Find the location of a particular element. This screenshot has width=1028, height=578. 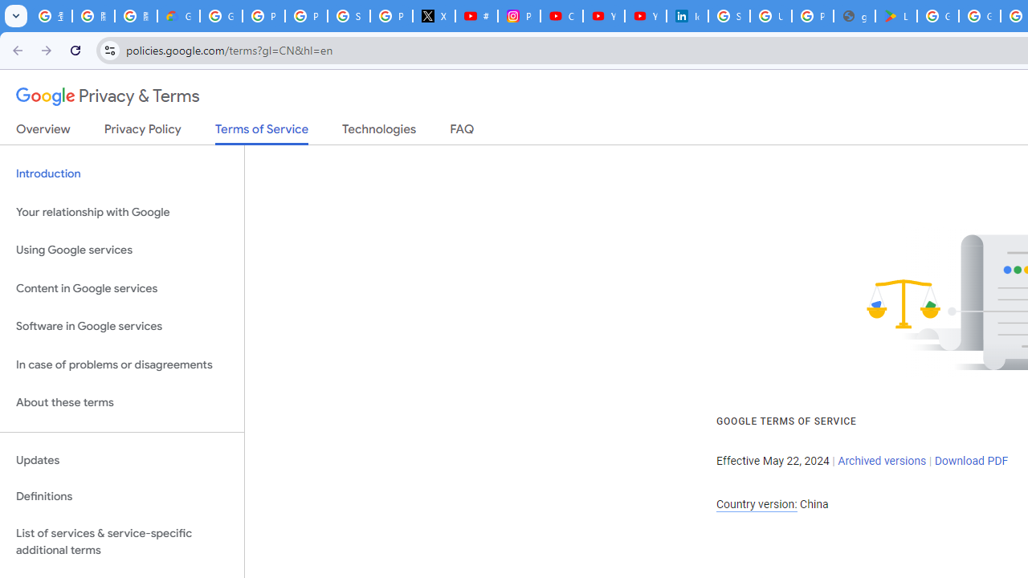

'Archived versions' is located at coordinates (881, 461).